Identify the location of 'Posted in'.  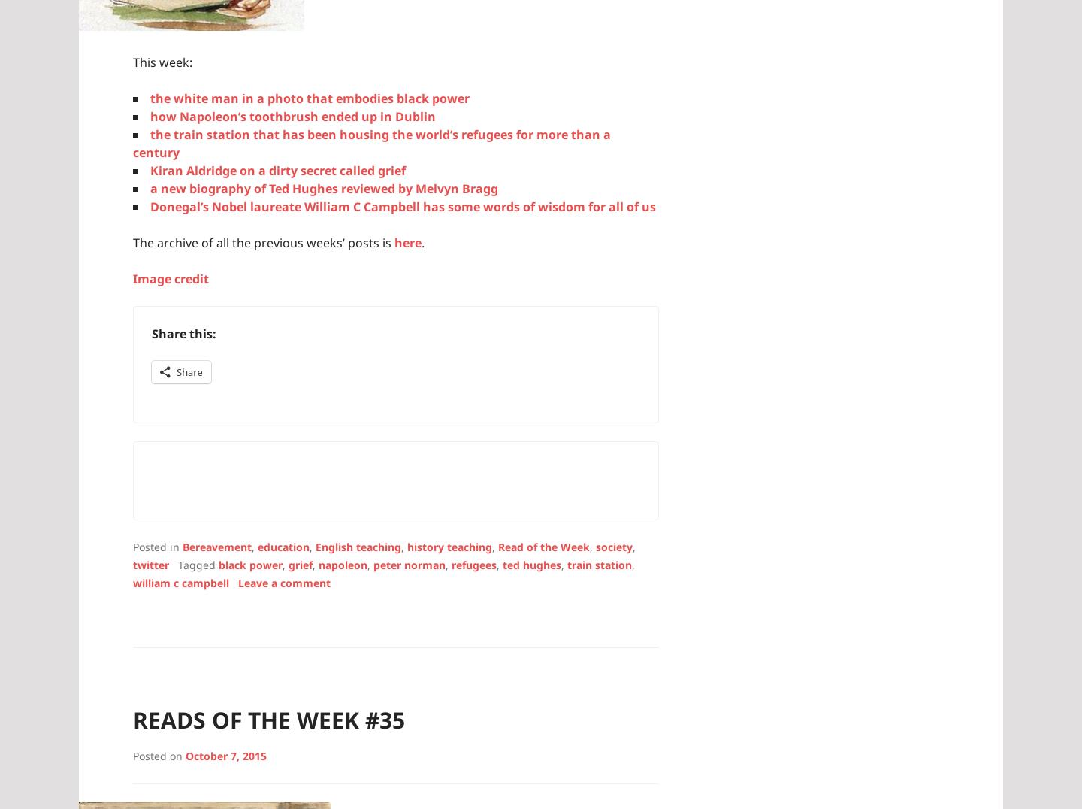
(157, 545).